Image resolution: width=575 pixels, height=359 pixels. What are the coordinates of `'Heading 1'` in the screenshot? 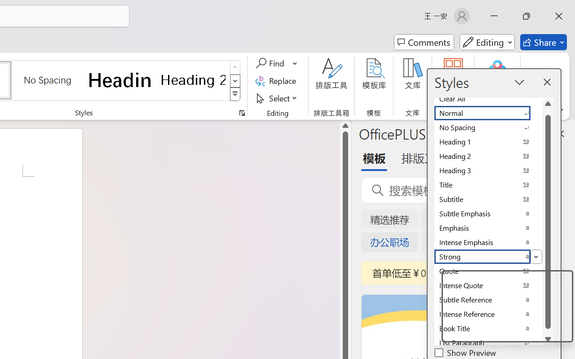 It's located at (120, 79).